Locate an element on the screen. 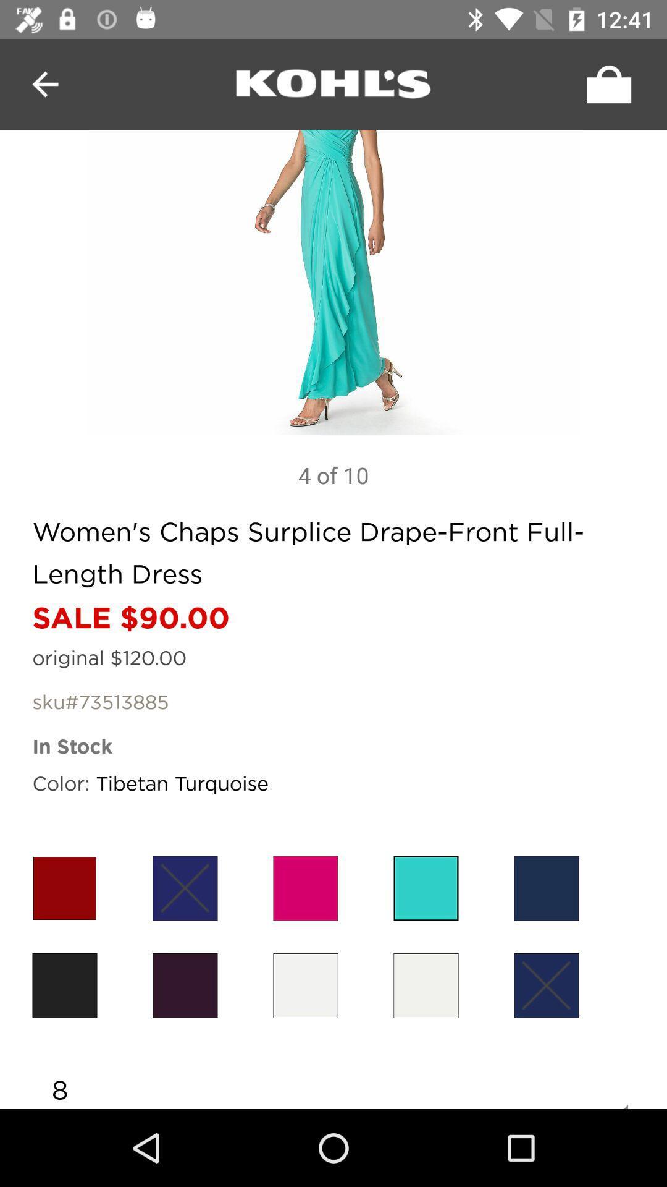  check photo is located at coordinates (333, 282).